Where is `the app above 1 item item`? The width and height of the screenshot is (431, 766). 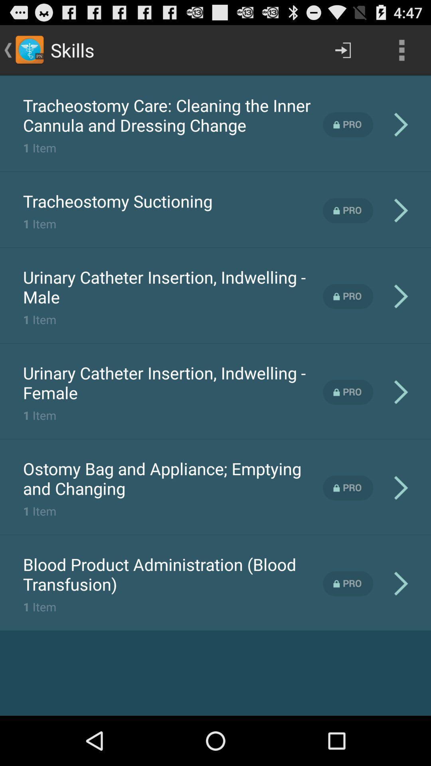 the app above 1 item item is located at coordinates (118, 201).